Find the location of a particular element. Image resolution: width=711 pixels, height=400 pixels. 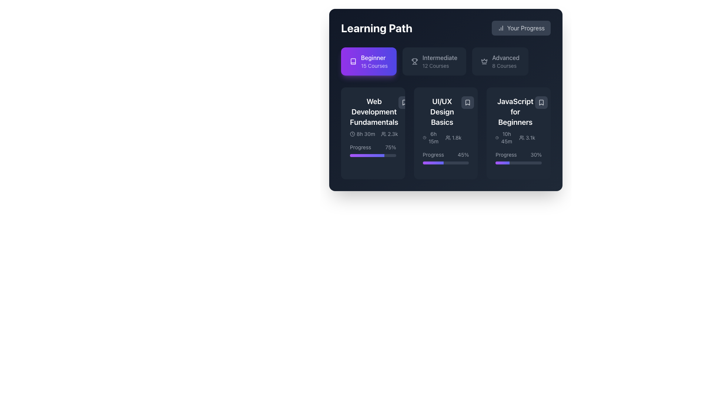

the composite UI component consisting of an icon with two human figures and the numeric text label '3.1k' is located at coordinates (527, 137).